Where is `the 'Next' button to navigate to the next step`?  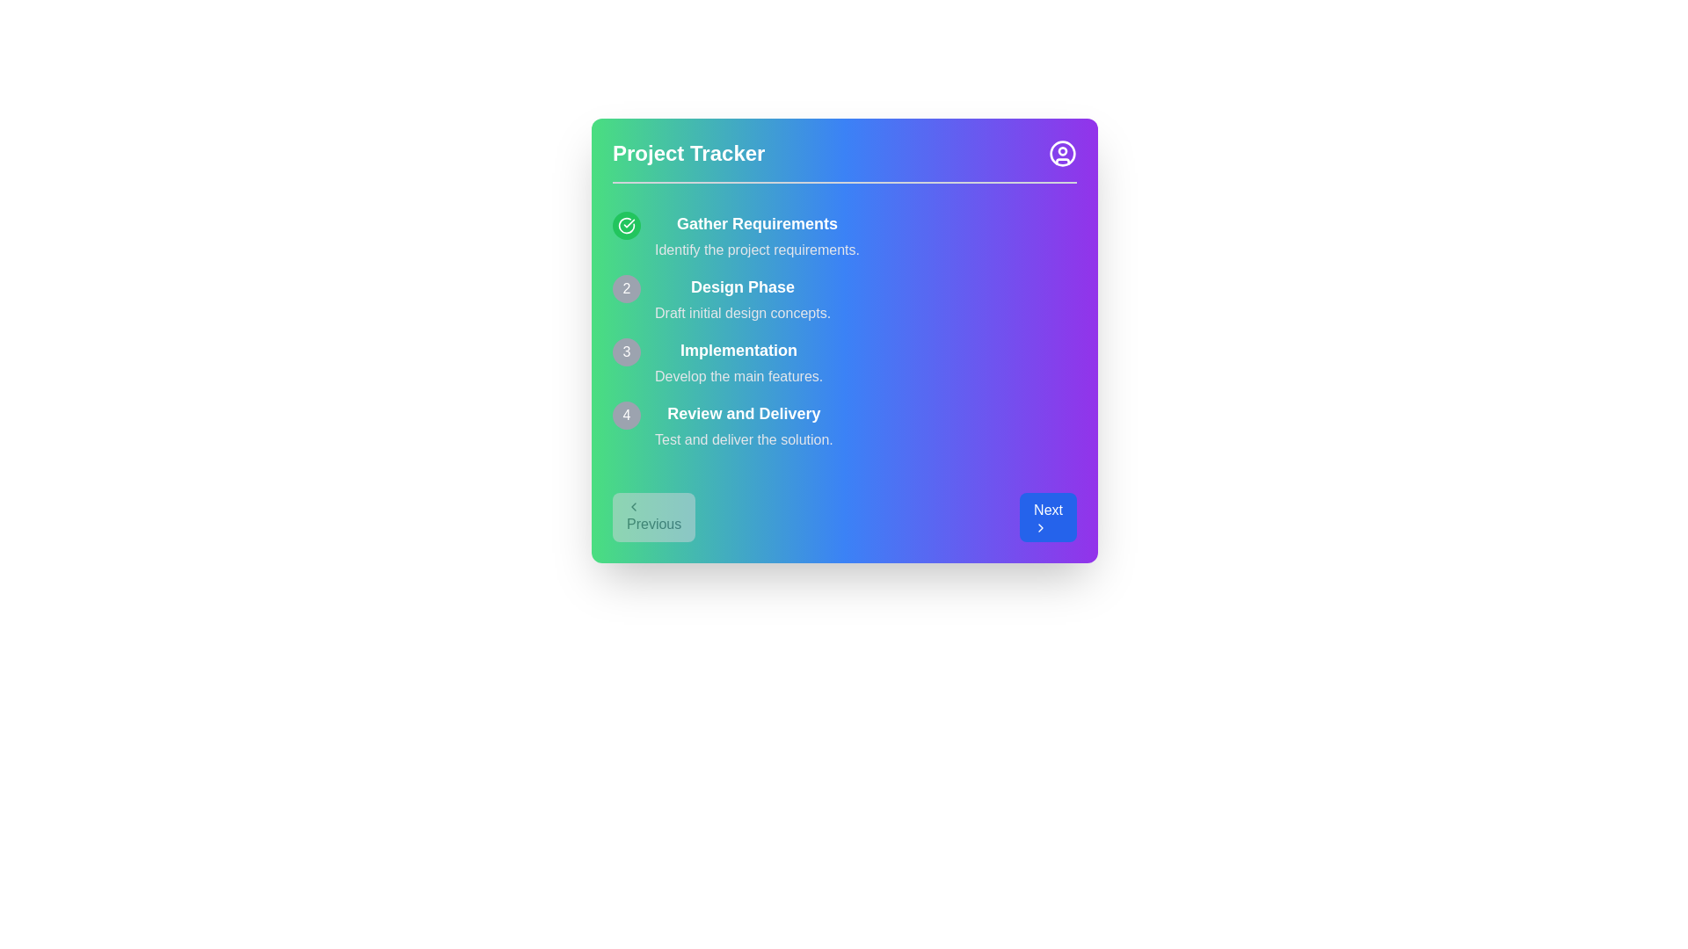 the 'Next' button to navigate to the next step is located at coordinates (1047, 517).